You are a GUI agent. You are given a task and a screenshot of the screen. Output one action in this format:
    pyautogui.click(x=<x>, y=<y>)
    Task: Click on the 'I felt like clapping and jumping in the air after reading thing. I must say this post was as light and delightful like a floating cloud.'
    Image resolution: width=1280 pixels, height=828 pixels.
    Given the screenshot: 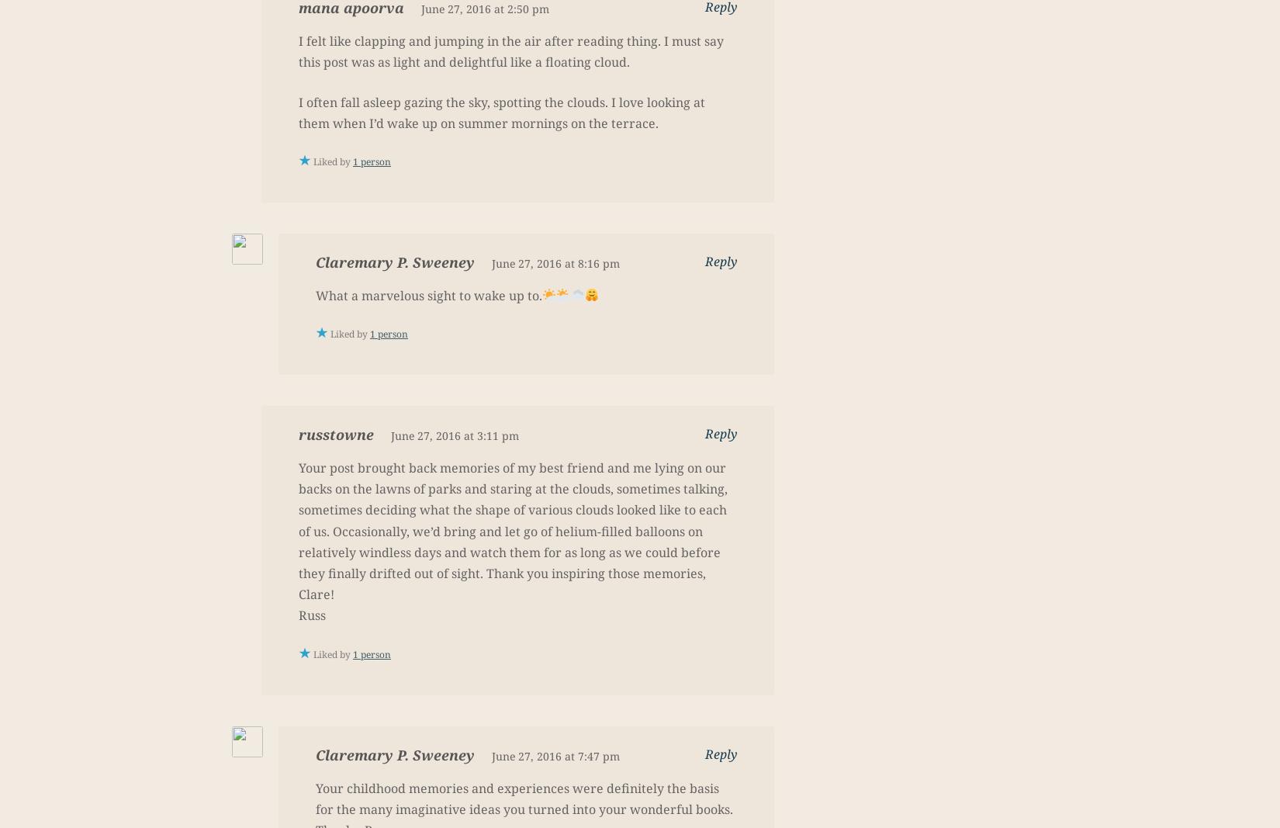 What is the action you would take?
    pyautogui.click(x=510, y=50)
    